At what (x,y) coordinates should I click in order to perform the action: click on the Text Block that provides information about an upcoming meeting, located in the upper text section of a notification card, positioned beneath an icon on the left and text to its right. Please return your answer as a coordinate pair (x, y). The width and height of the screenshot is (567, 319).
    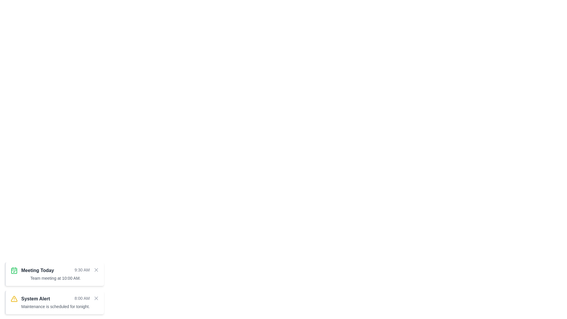
    Looking at the image, I should click on (55, 274).